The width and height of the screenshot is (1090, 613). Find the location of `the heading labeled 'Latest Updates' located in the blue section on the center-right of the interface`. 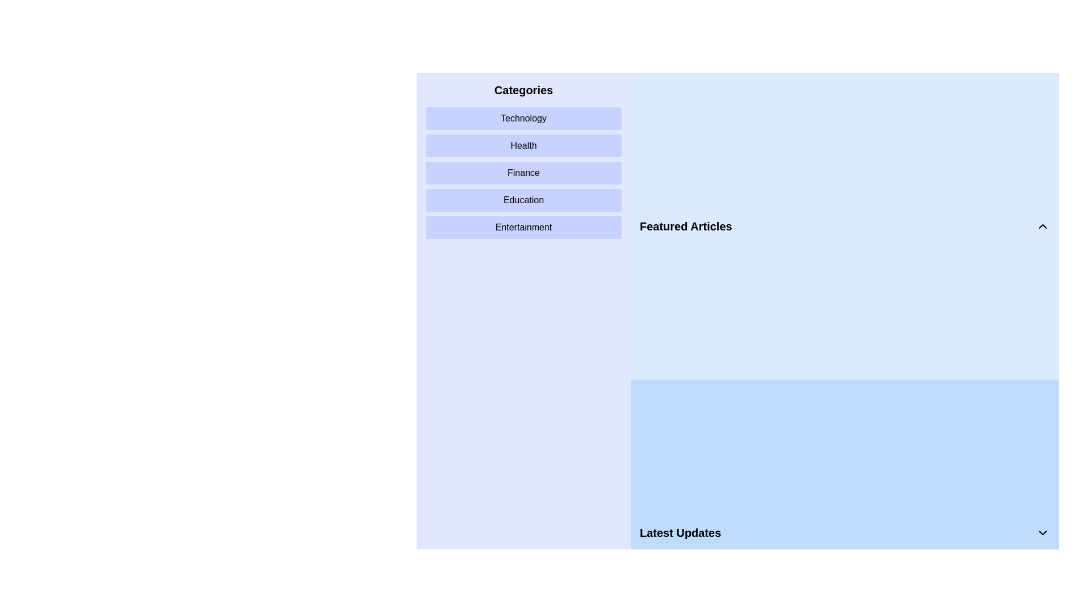

the heading labeled 'Latest Updates' located in the blue section on the center-right of the interface is located at coordinates (680, 532).